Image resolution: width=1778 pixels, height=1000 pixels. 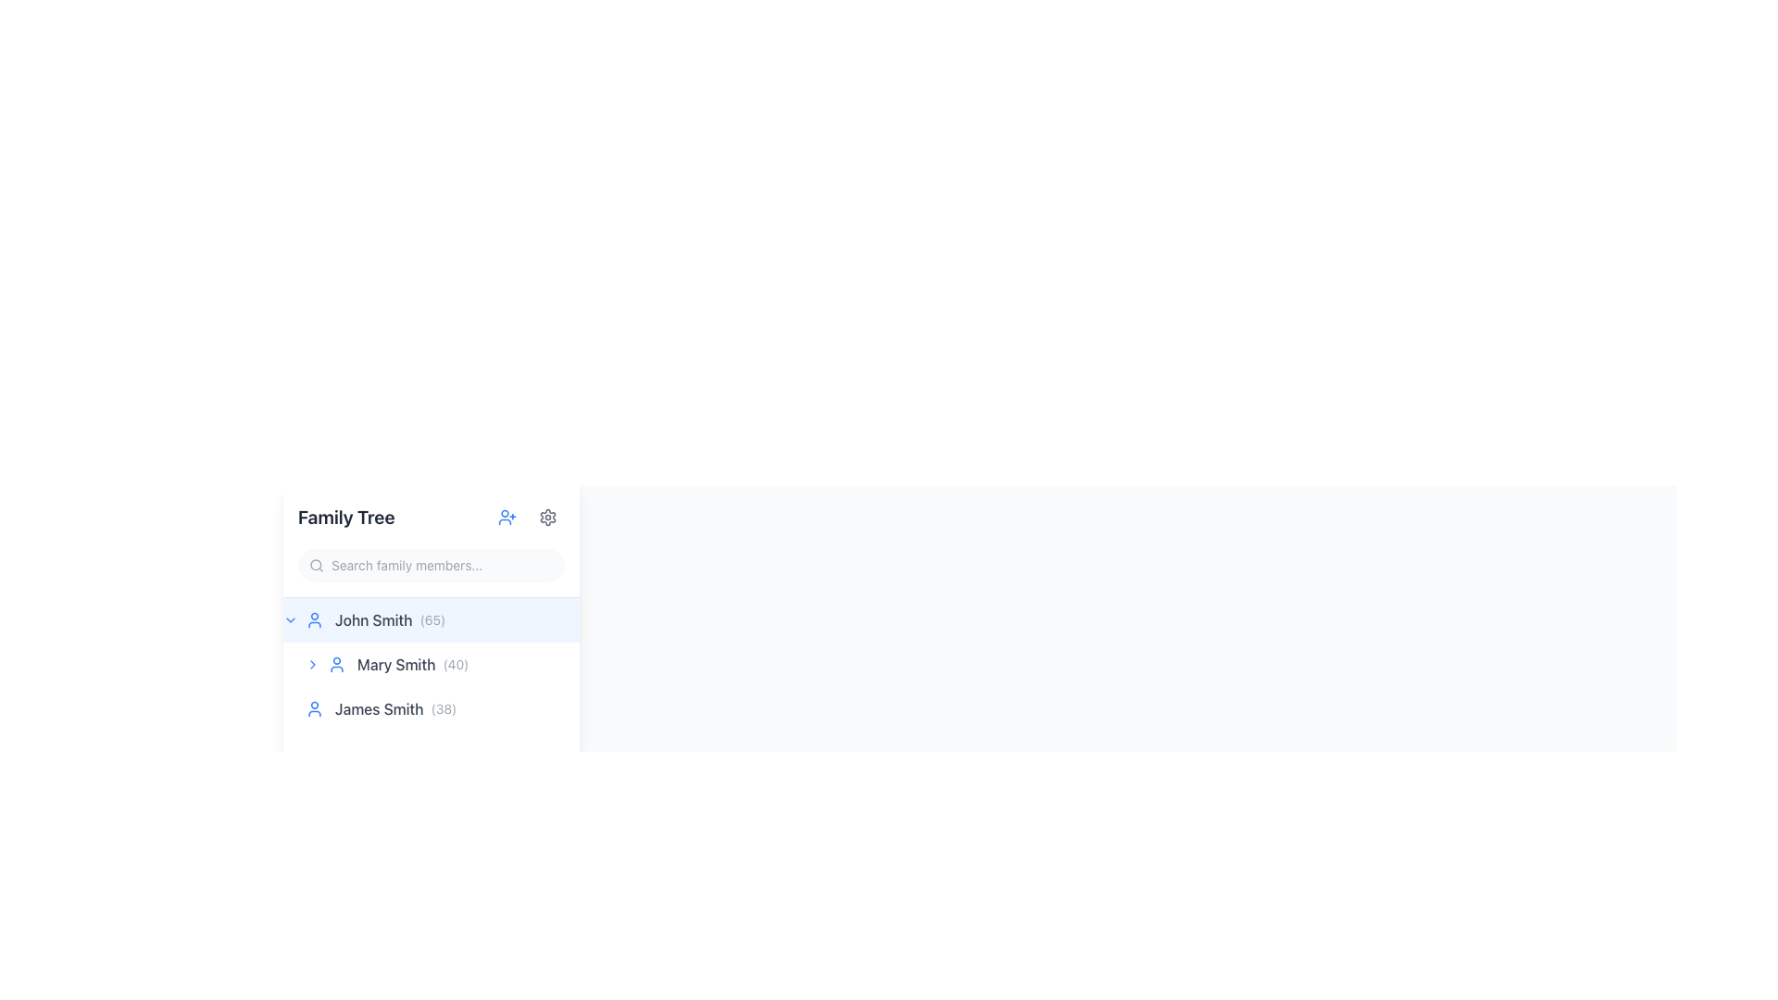 I want to click on the chevron icon located to the left of the text 'Mary Smith (40)', so click(x=312, y=663).